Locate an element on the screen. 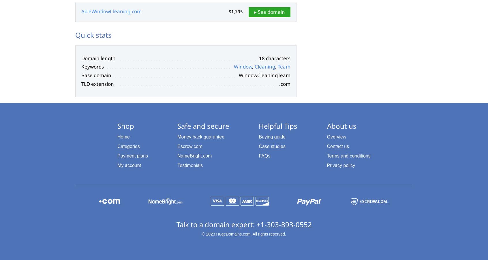 The width and height of the screenshot is (488, 260). 'Payment plans' is located at coordinates (132, 155).